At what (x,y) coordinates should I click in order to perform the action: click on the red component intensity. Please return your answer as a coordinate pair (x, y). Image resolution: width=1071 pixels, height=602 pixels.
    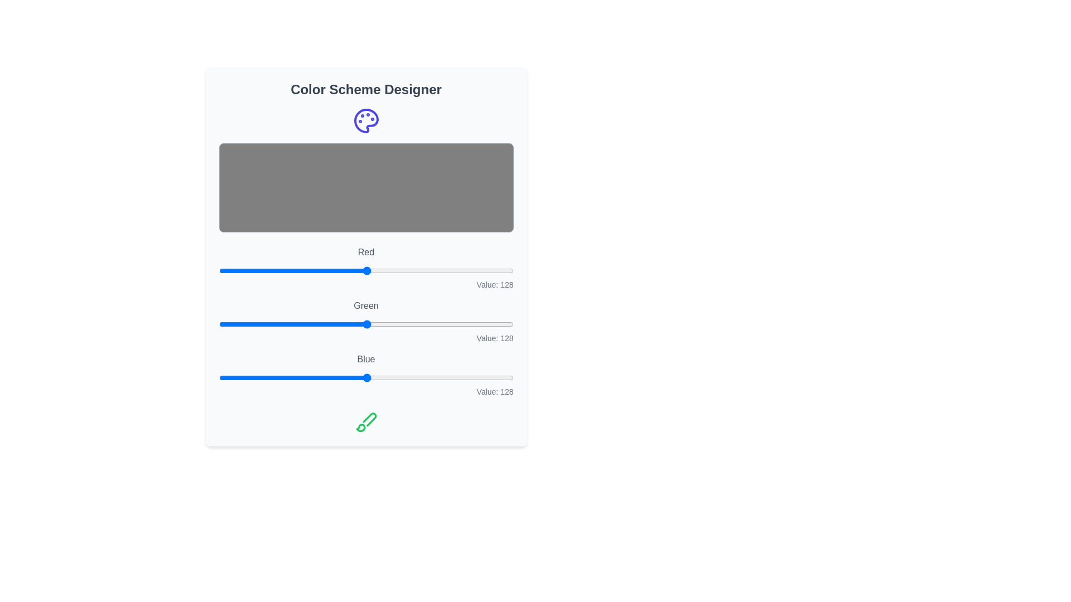
    Looking at the image, I should click on (302, 271).